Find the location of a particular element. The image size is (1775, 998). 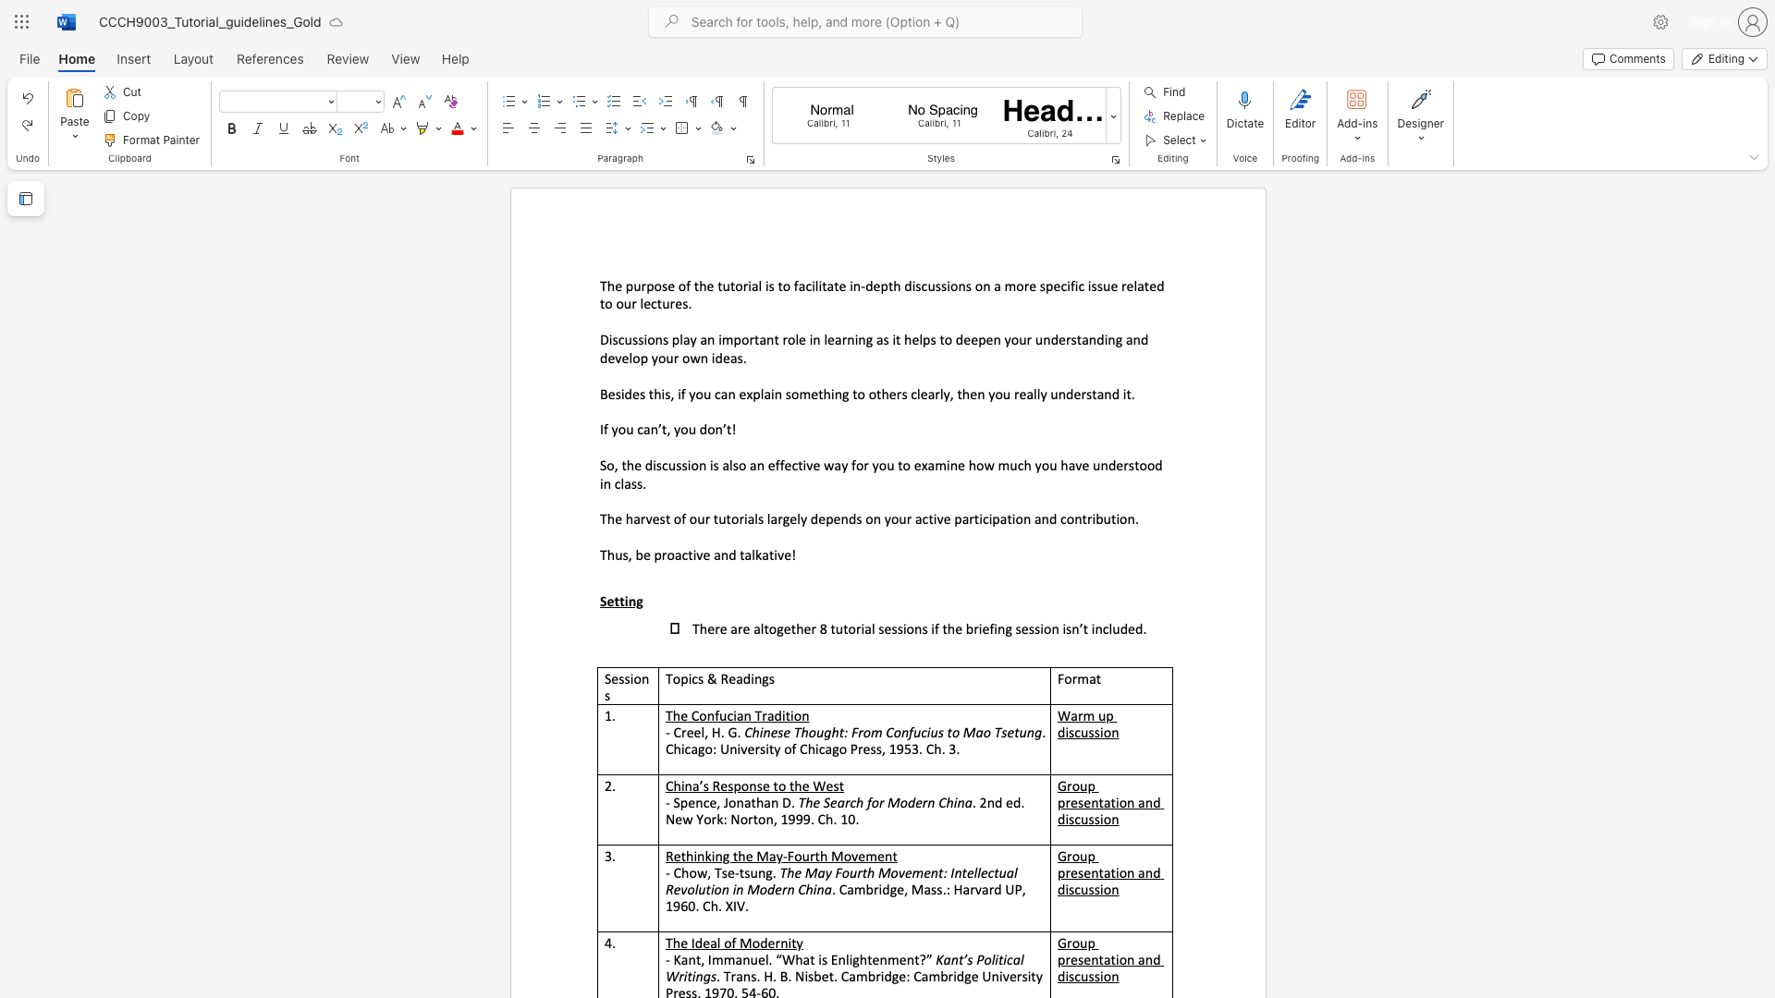

the subset text "t, y" within the text "If you can’t, you don’t!" is located at coordinates (661, 429).